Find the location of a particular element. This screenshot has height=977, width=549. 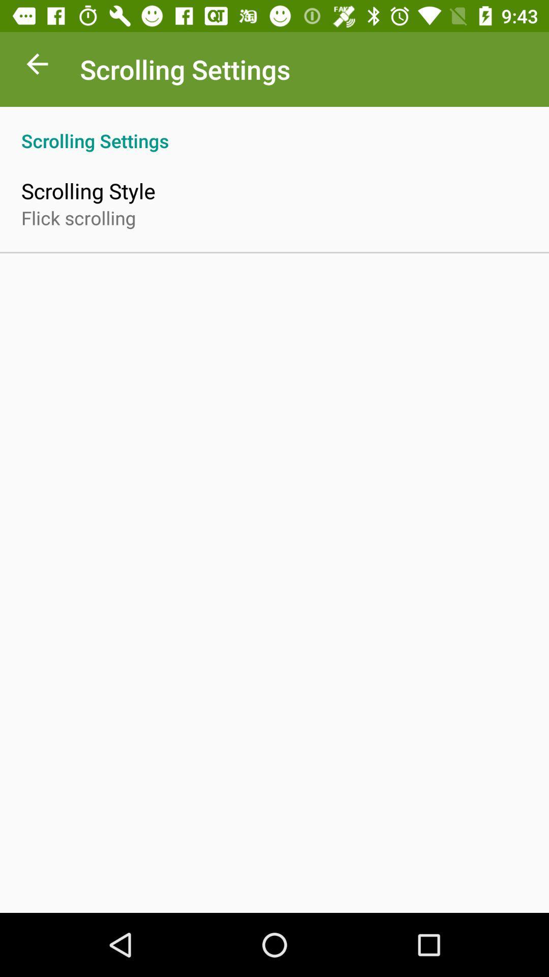

go back is located at coordinates (37, 66).